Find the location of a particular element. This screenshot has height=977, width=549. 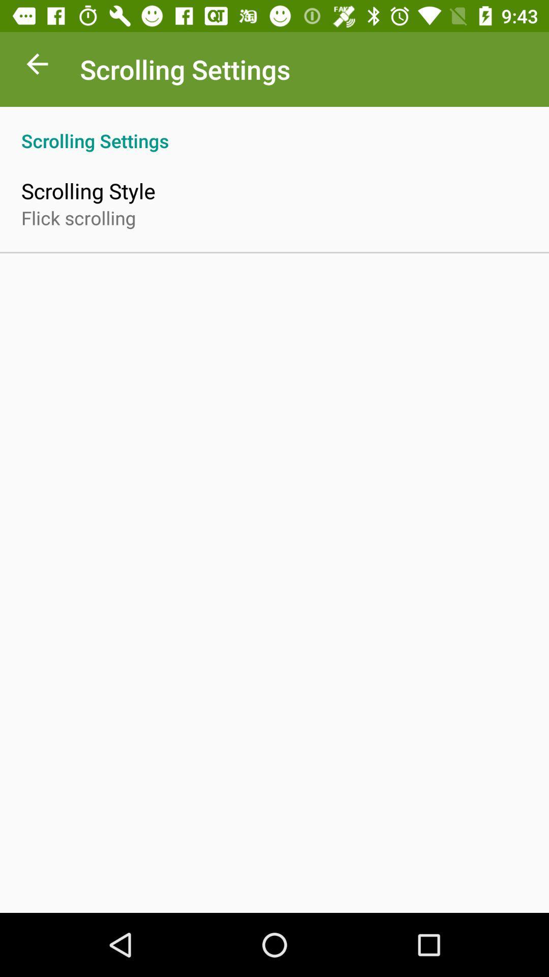

go back is located at coordinates (37, 66).